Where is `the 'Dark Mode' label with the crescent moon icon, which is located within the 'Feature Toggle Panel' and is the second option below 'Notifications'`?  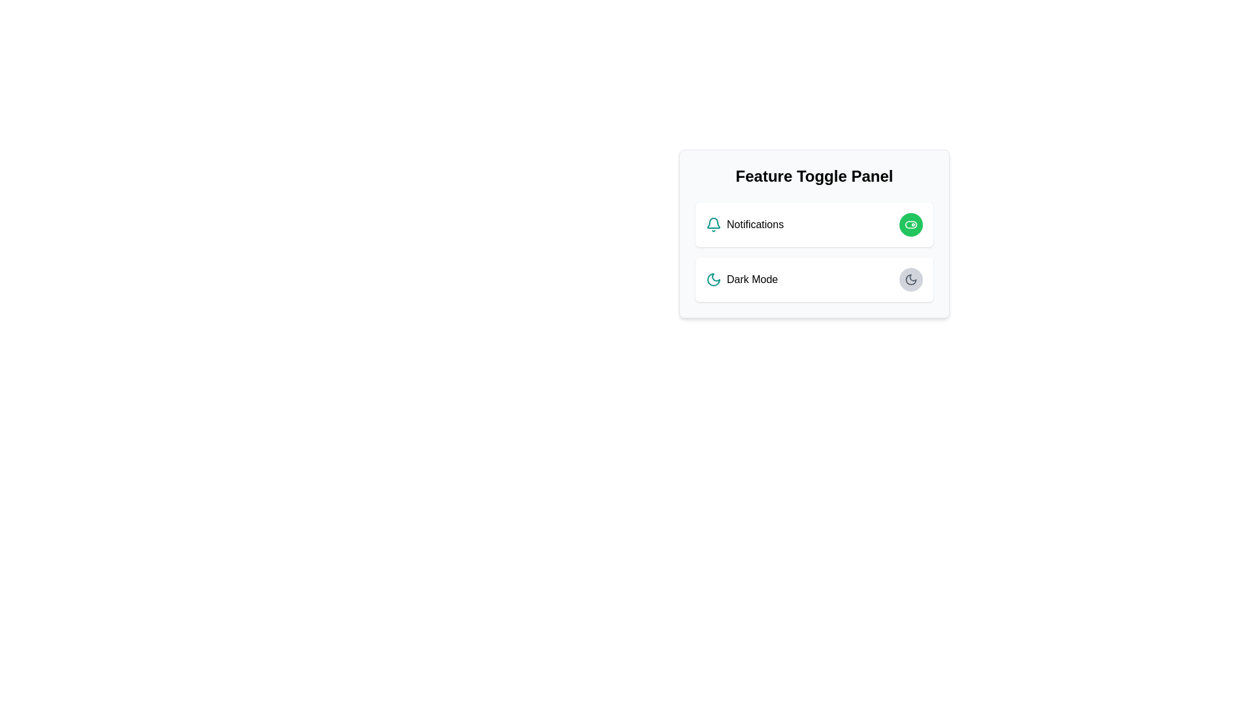
the 'Dark Mode' label with the crescent moon icon, which is located within the 'Feature Toggle Panel' and is the second option below 'Notifications' is located at coordinates (742, 279).